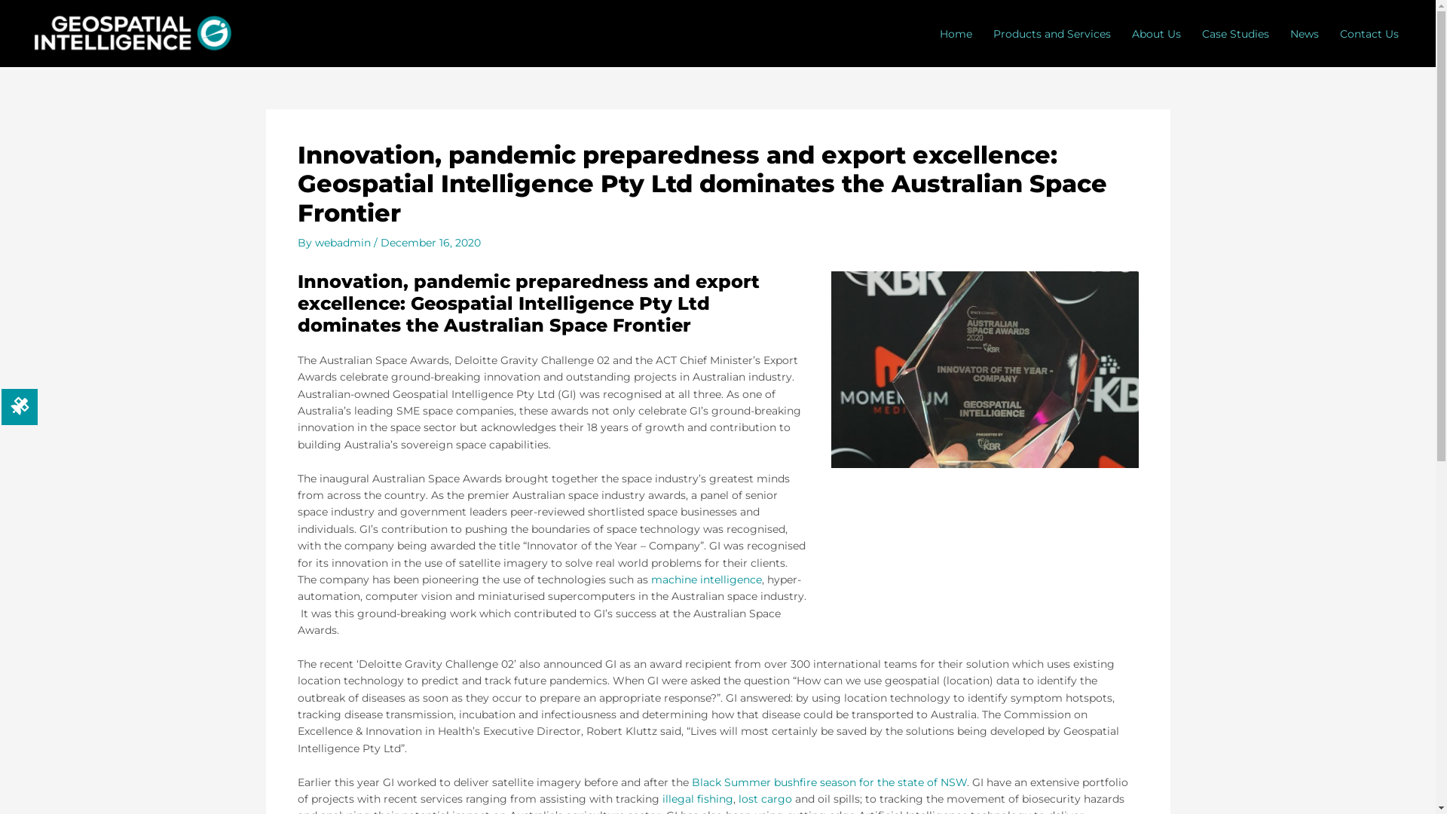  I want to click on 'machine intelligence', so click(651, 578).